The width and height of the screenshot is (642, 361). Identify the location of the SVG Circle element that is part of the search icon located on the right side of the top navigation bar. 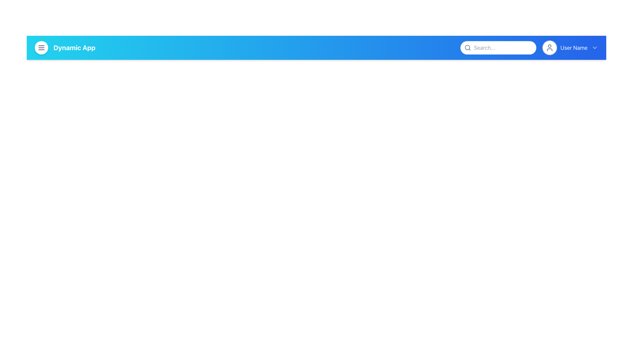
(467, 47).